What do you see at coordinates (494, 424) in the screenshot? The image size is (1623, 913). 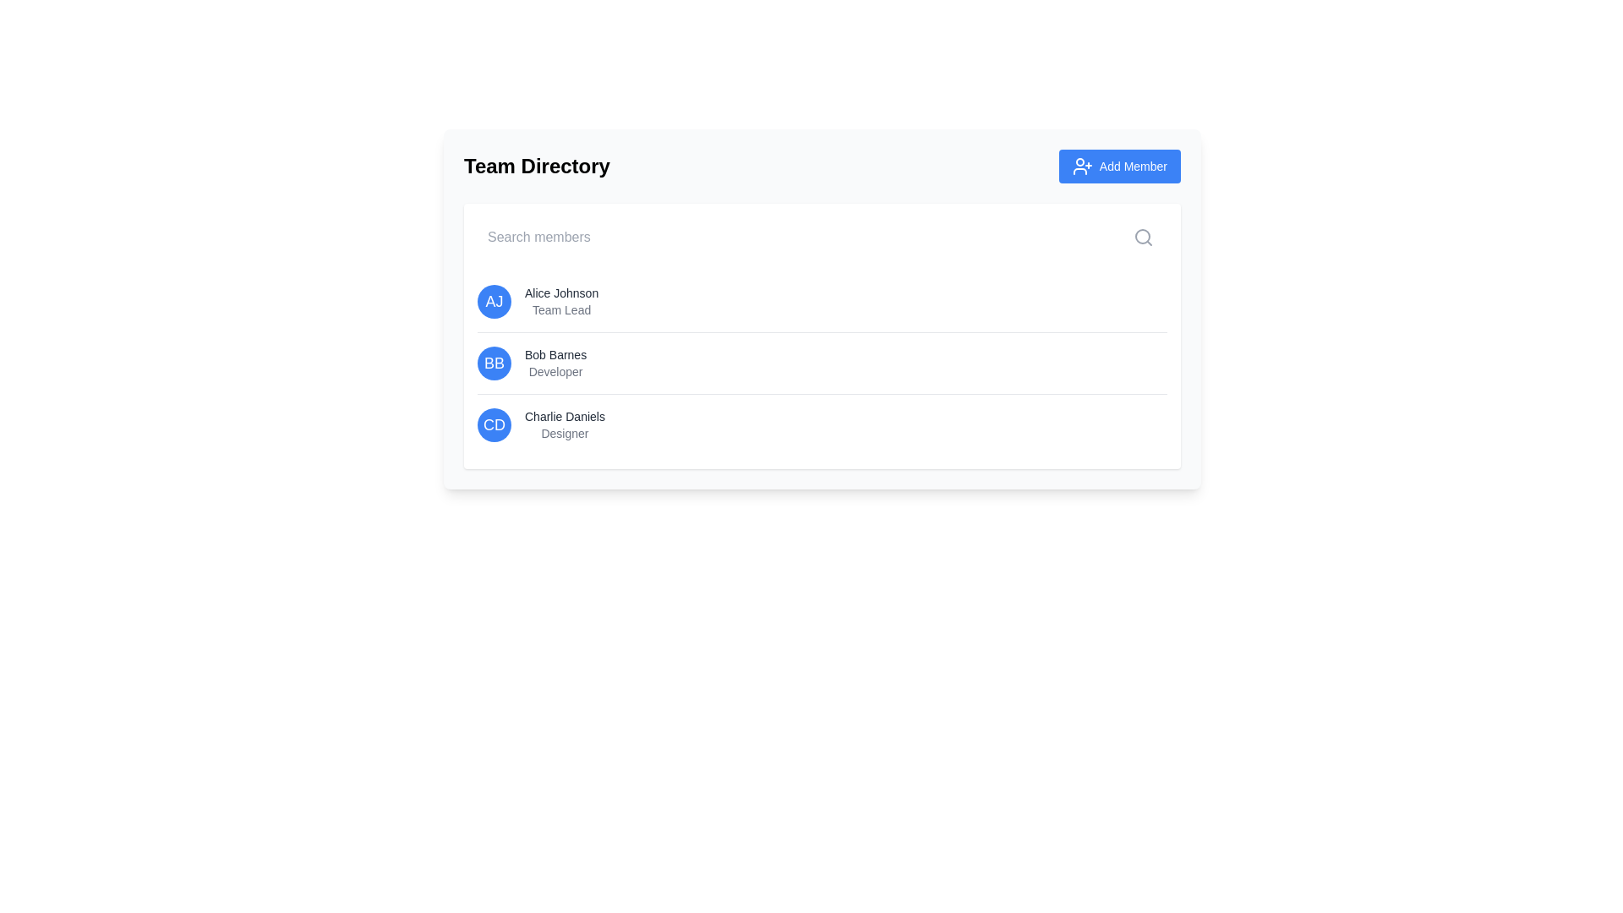 I see `the text displaying the initials 'CD' in bold within a circular blue background, located on the third row of the members' list` at bounding box center [494, 424].